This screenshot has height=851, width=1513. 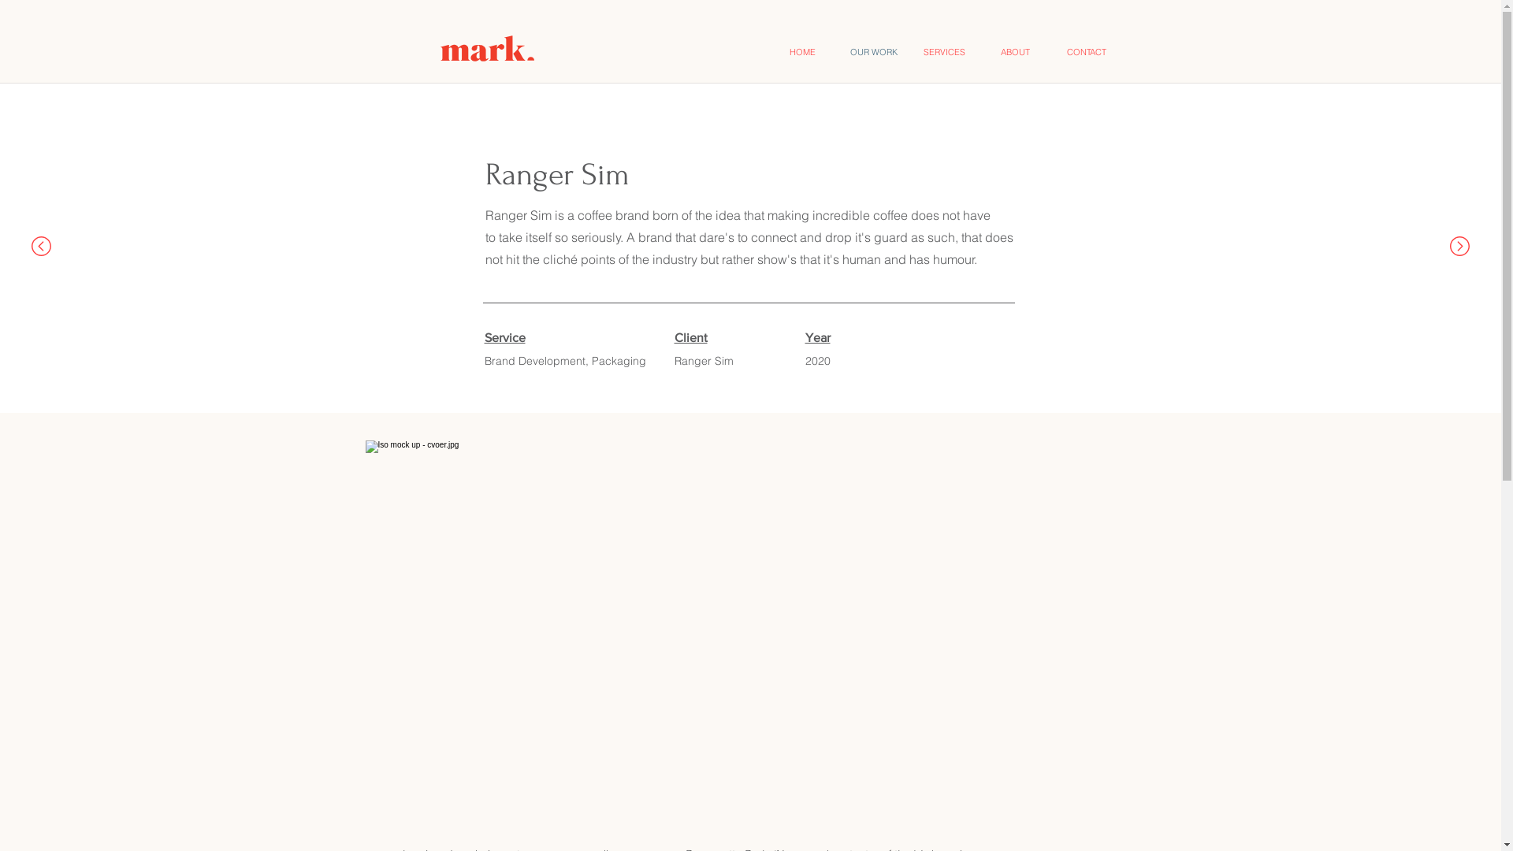 I want to click on 'CONTACT', so click(x=1085, y=50).